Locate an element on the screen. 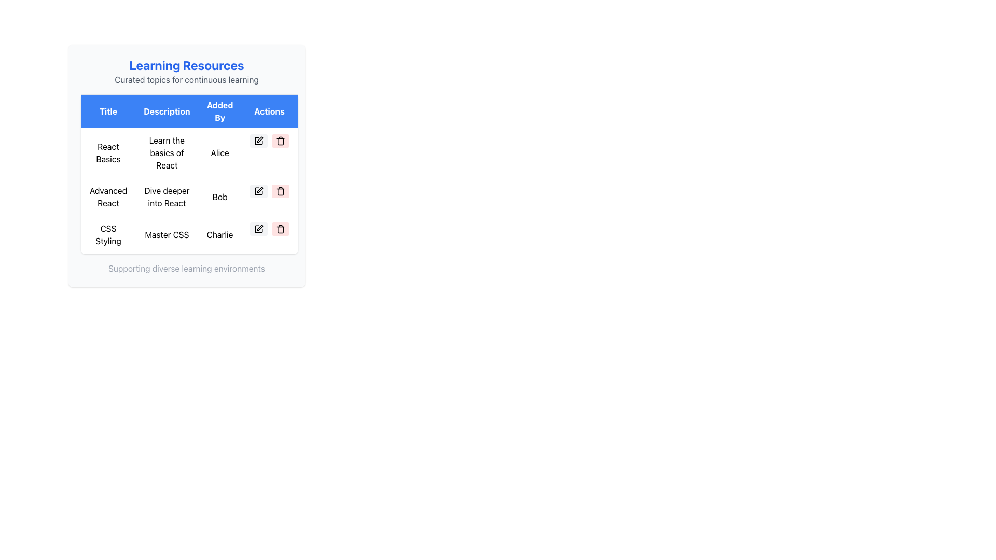 The width and height of the screenshot is (996, 560). the edit icon button represented by a pen symbol in the 'Actions' column of the second row for 'Advanced React' in the 'Learning Resources' table to initiate editing is located at coordinates (258, 191).